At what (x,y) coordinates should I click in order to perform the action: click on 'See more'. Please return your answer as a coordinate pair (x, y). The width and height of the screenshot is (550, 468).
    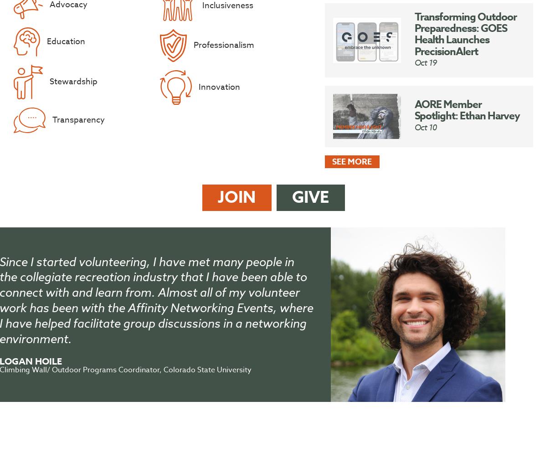
    Looking at the image, I should click on (352, 161).